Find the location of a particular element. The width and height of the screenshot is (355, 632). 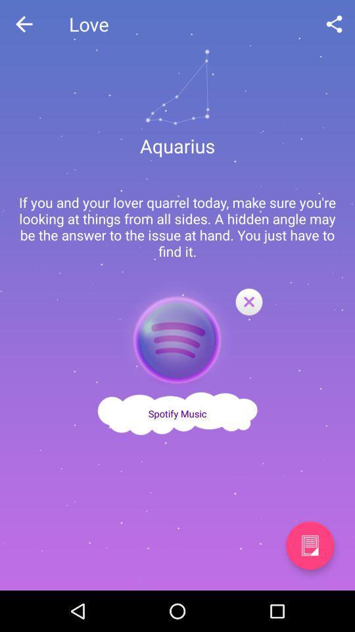

the close icon is located at coordinates (248, 302).